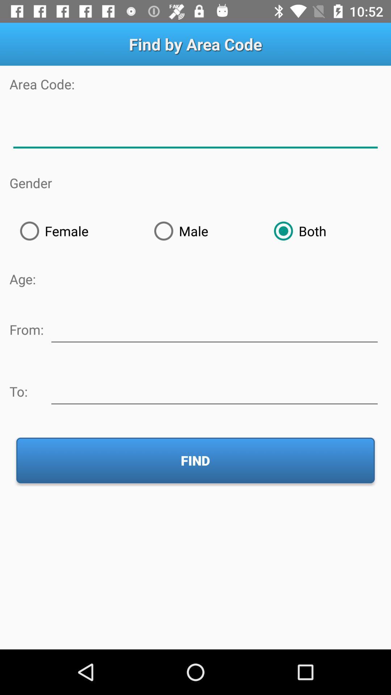 The image size is (391, 695). What do you see at coordinates (76, 231) in the screenshot?
I see `female` at bounding box center [76, 231].